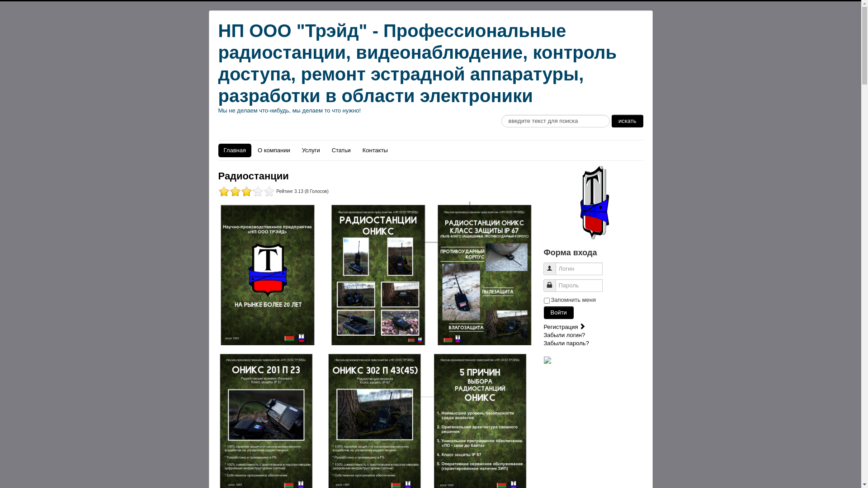 The image size is (868, 488). I want to click on '1', so click(229, 191).